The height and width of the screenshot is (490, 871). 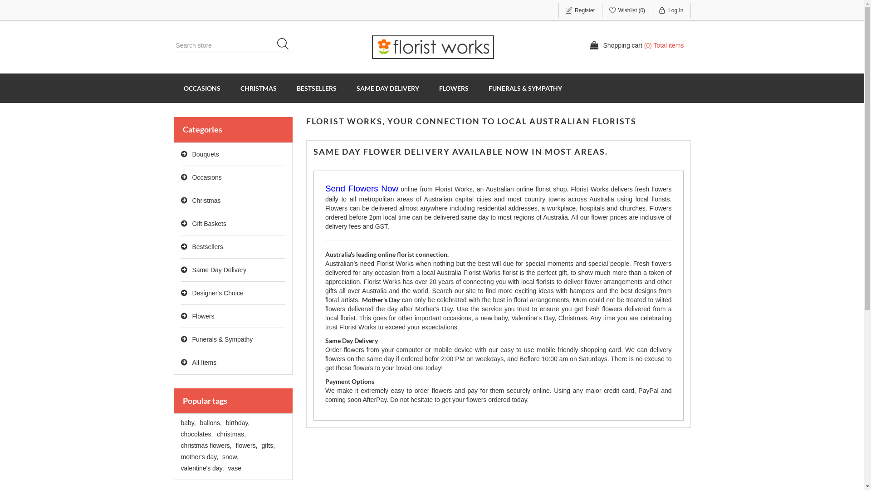 I want to click on 'BESTSELLERS', so click(x=316, y=88).